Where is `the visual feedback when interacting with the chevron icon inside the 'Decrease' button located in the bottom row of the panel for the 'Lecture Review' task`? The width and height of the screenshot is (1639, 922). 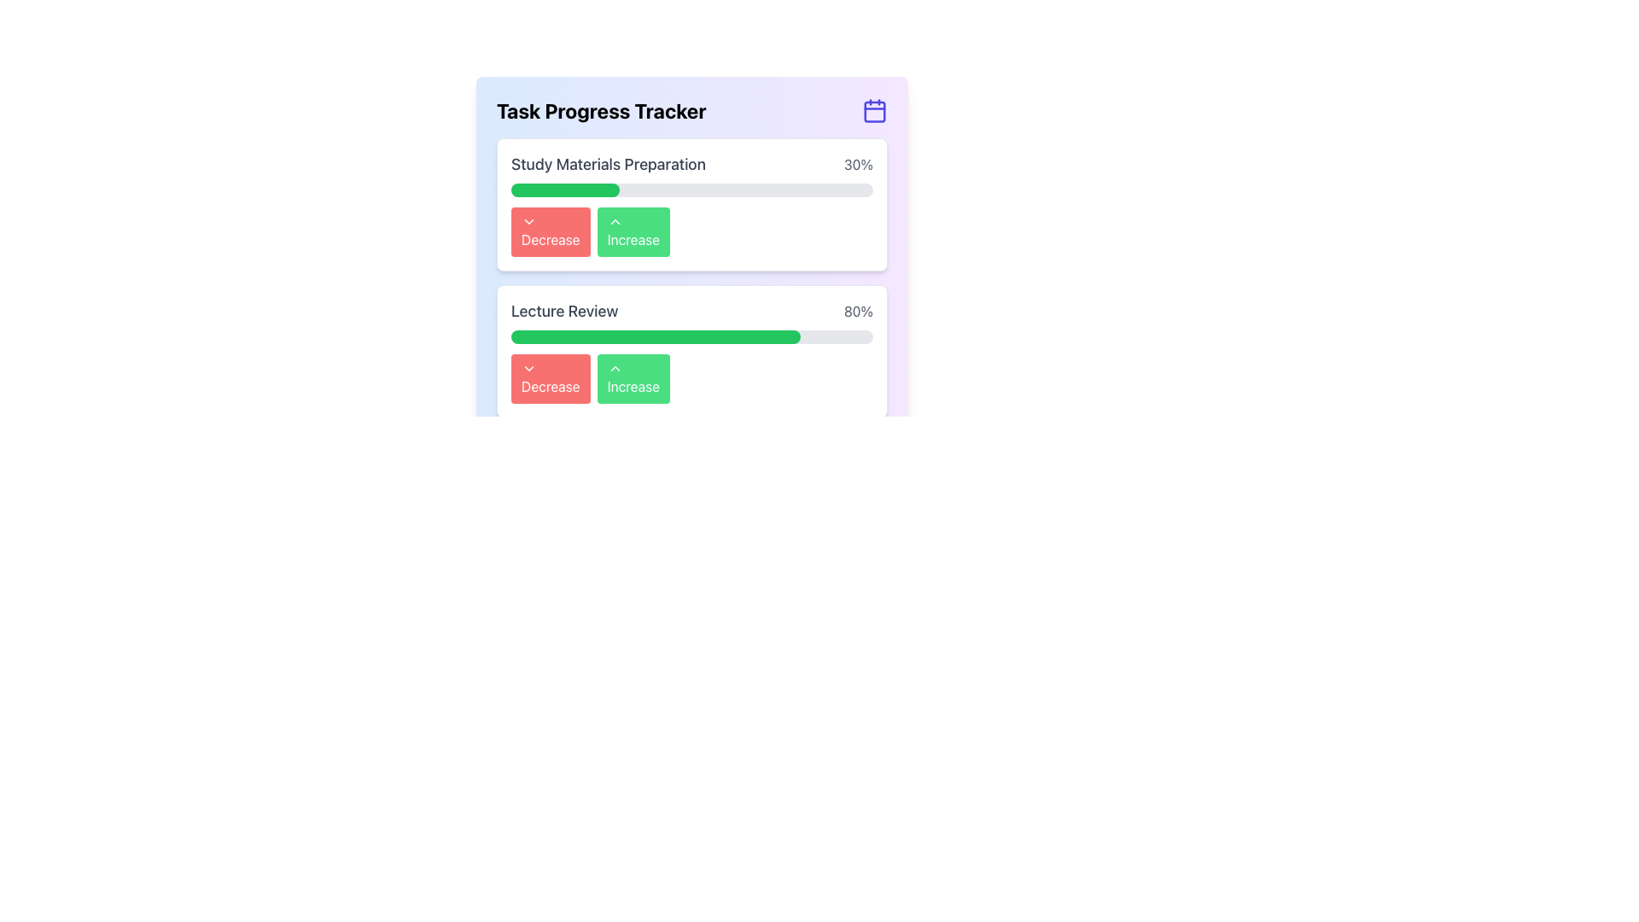 the visual feedback when interacting with the chevron icon inside the 'Decrease' button located in the bottom row of the panel for the 'Lecture Review' task is located at coordinates (528, 368).